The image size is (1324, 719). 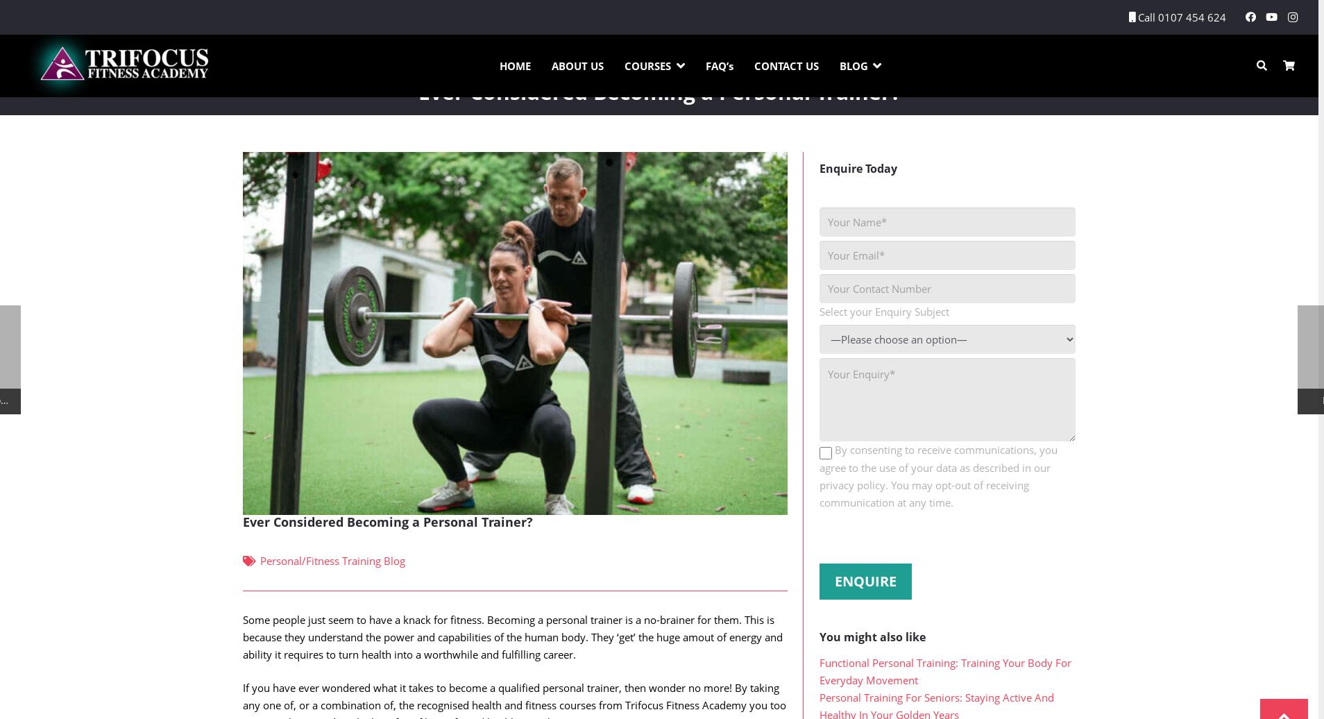 I want to click on 'COURSES', so click(x=647, y=66).